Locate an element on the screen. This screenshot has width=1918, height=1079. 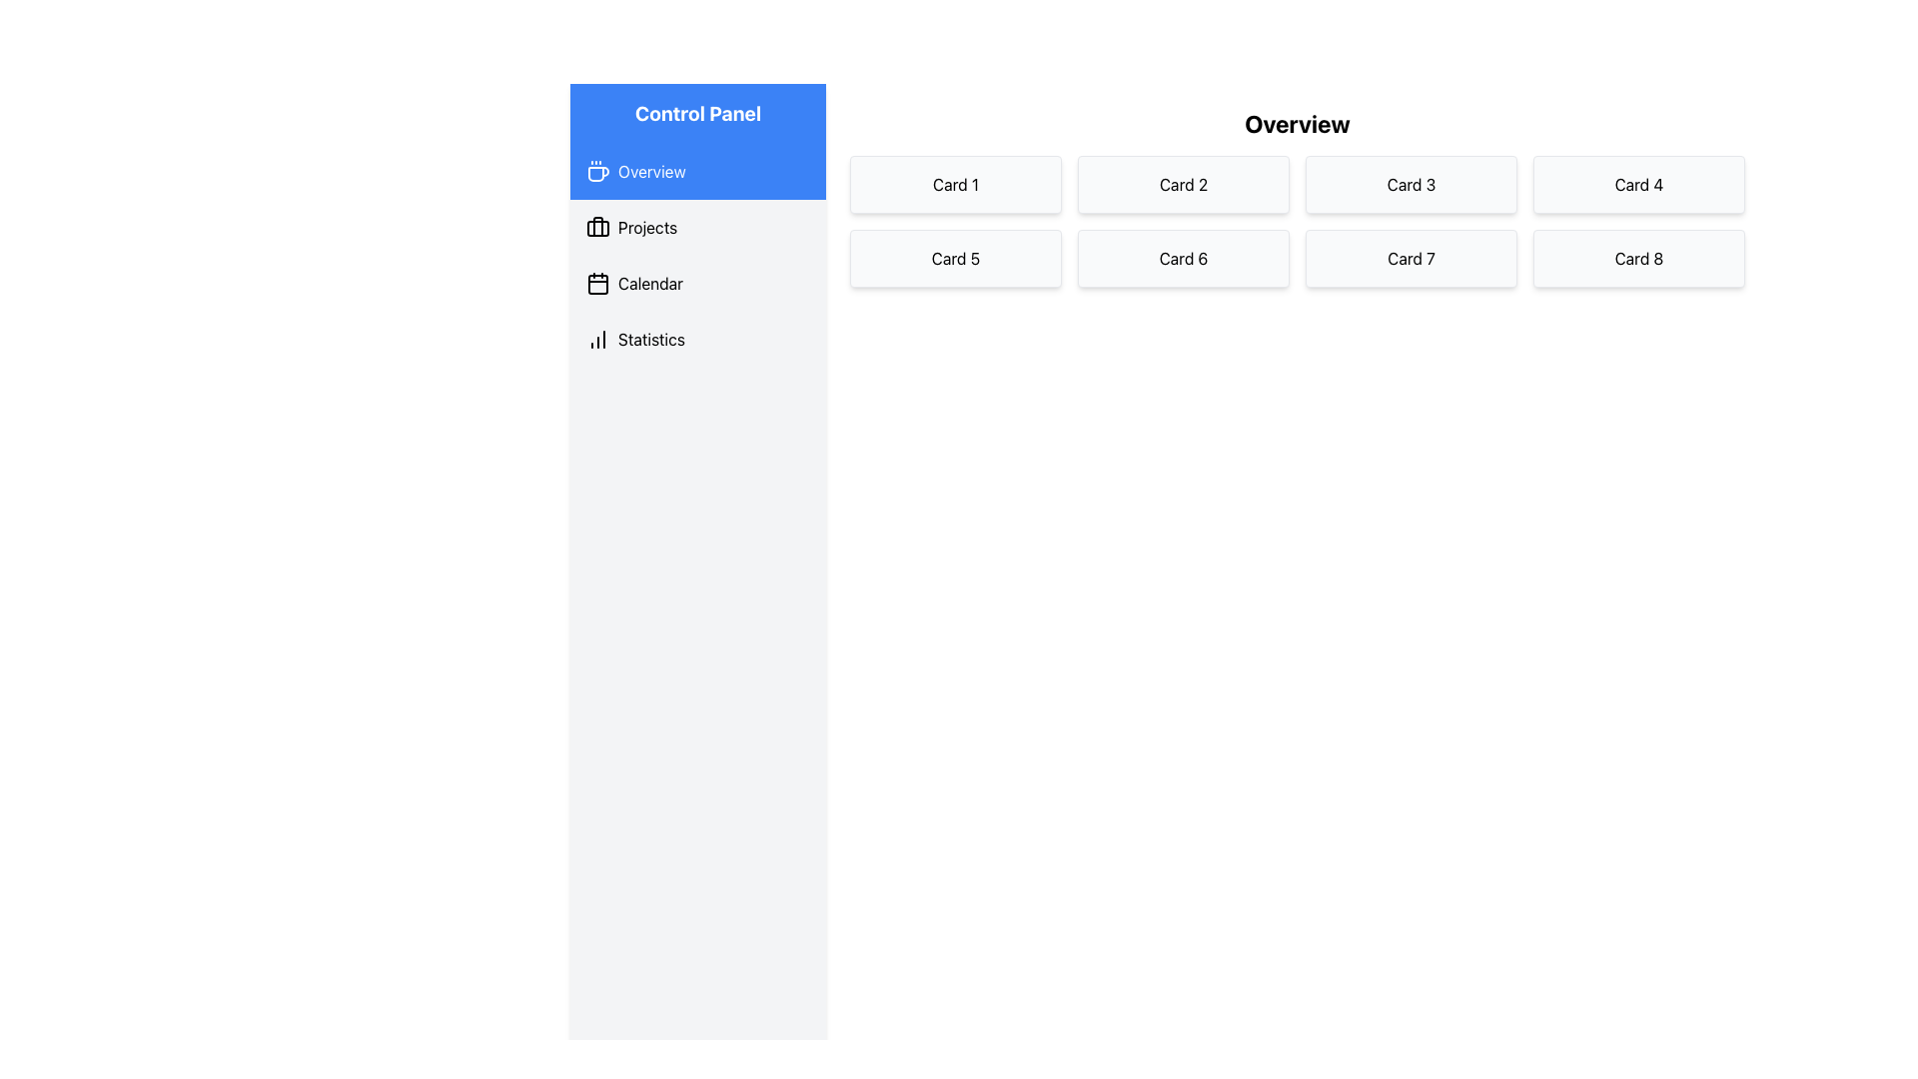
the coffee cup icon located is located at coordinates (597, 171).